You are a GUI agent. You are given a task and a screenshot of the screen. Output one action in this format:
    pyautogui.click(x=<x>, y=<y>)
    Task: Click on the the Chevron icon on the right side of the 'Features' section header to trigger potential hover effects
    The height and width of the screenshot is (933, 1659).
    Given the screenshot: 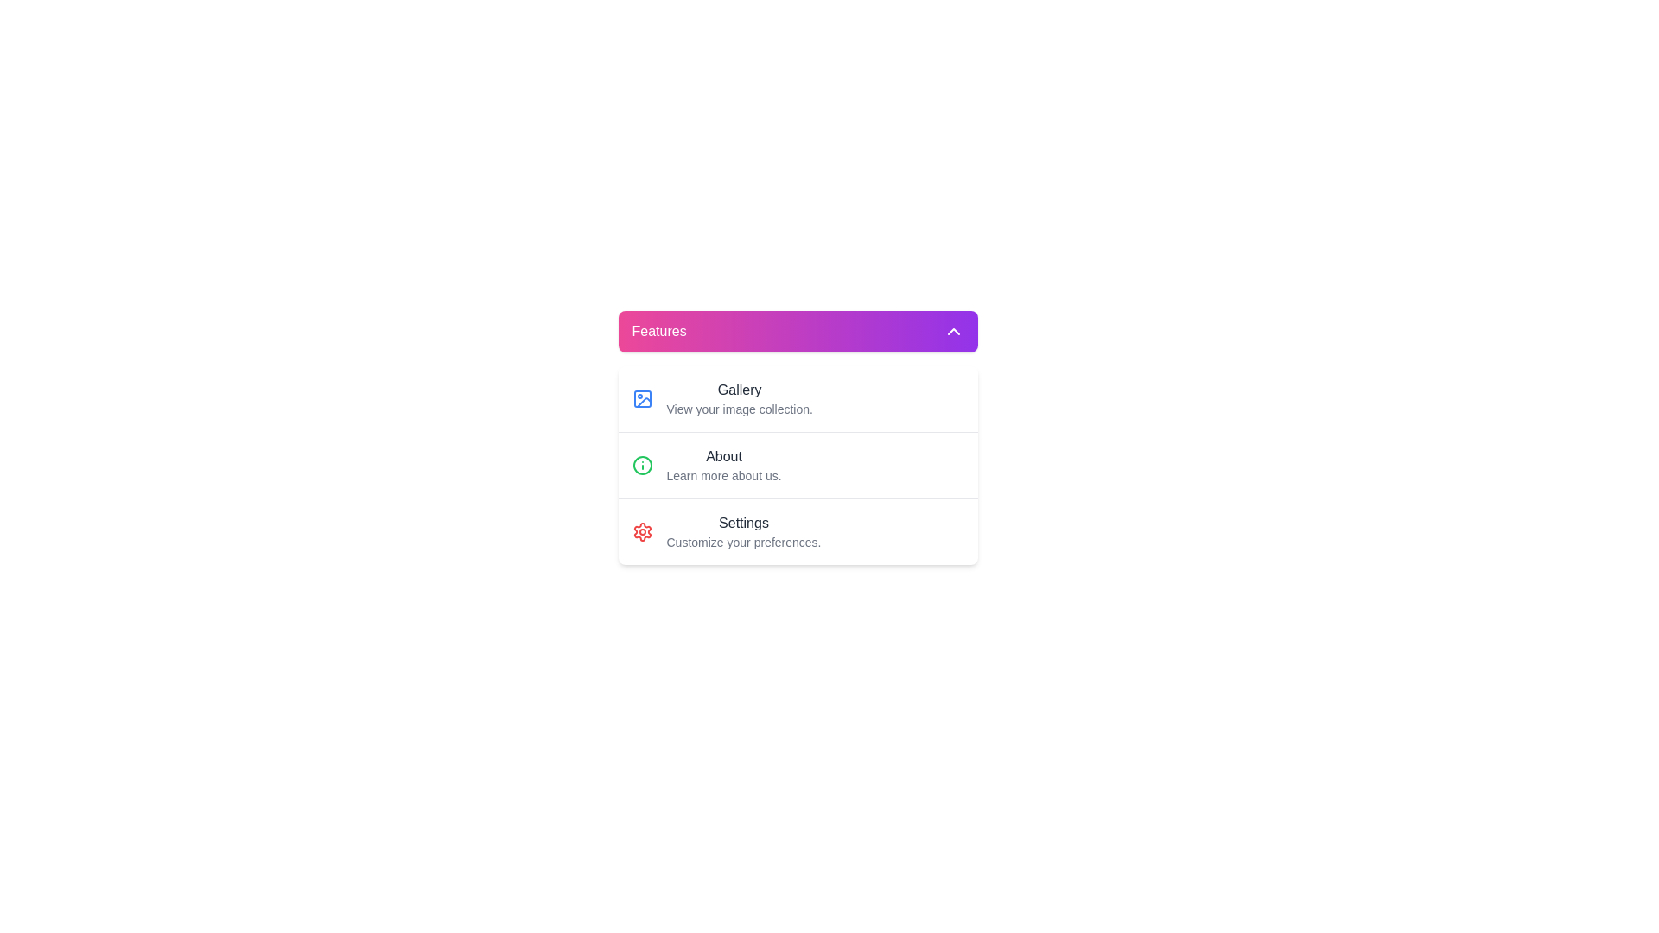 What is the action you would take?
    pyautogui.click(x=952, y=332)
    